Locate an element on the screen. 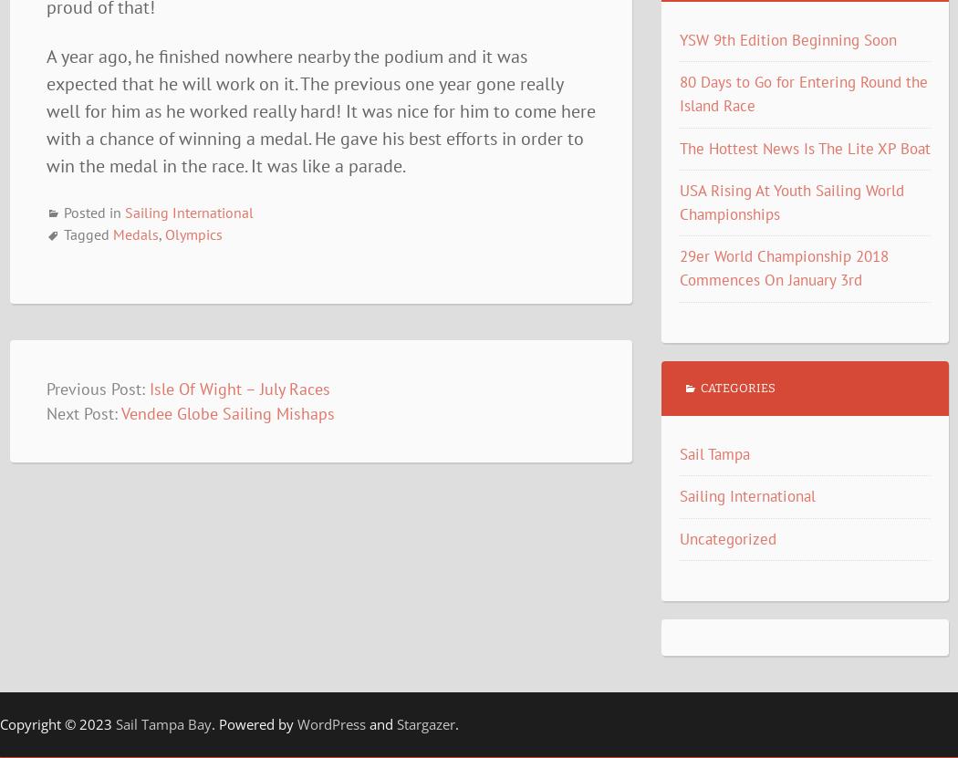  'USA Rising At Youth Sailing World Championships' is located at coordinates (789, 202).